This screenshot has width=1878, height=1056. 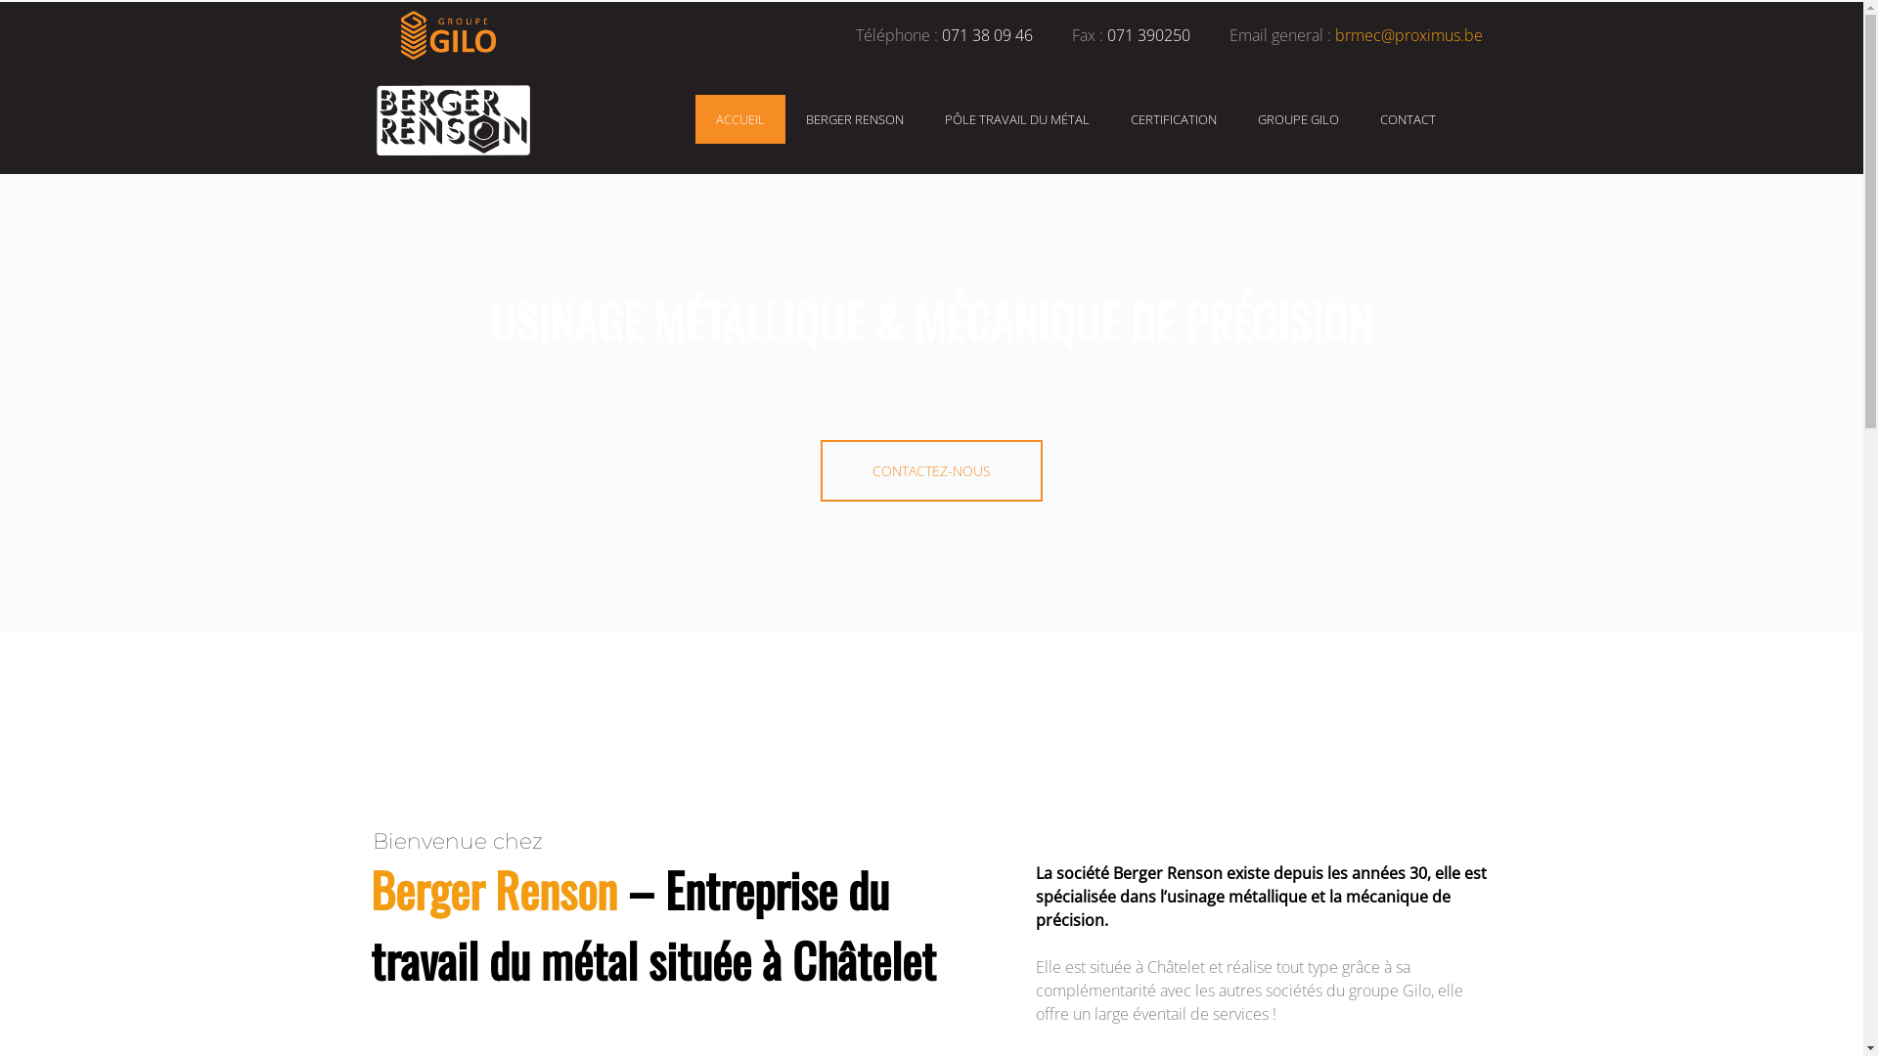 What do you see at coordinates (1174, 119) in the screenshot?
I see `'CERTIFICATION'` at bounding box center [1174, 119].